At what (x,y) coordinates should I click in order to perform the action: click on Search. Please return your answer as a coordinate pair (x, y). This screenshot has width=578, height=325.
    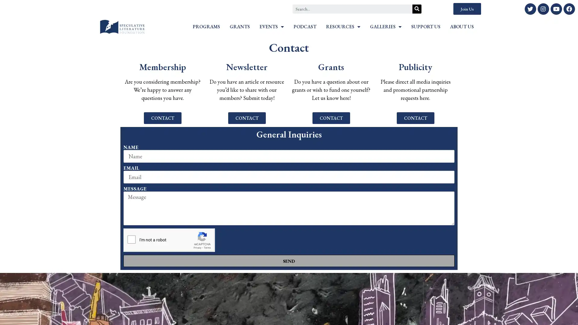
    Looking at the image, I should click on (417, 9).